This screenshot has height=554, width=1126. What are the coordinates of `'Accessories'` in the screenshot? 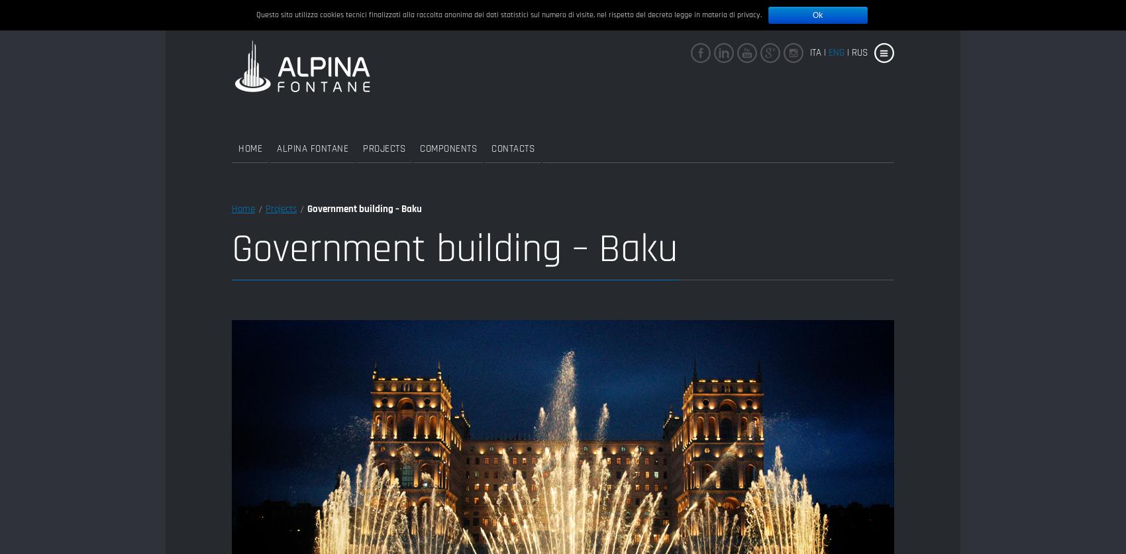 It's located at (516, 407).